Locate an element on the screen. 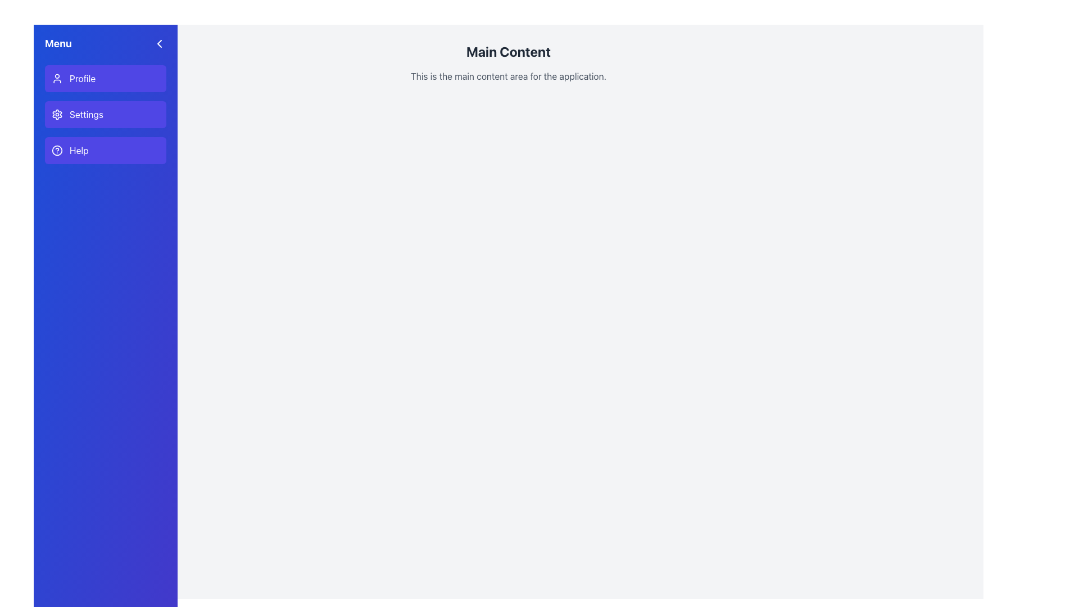 The image size is (1079, 607). the settings button located below the 'Profile' button and above the 'Help' button in the vertical menu is located at coordinates (105, 115).